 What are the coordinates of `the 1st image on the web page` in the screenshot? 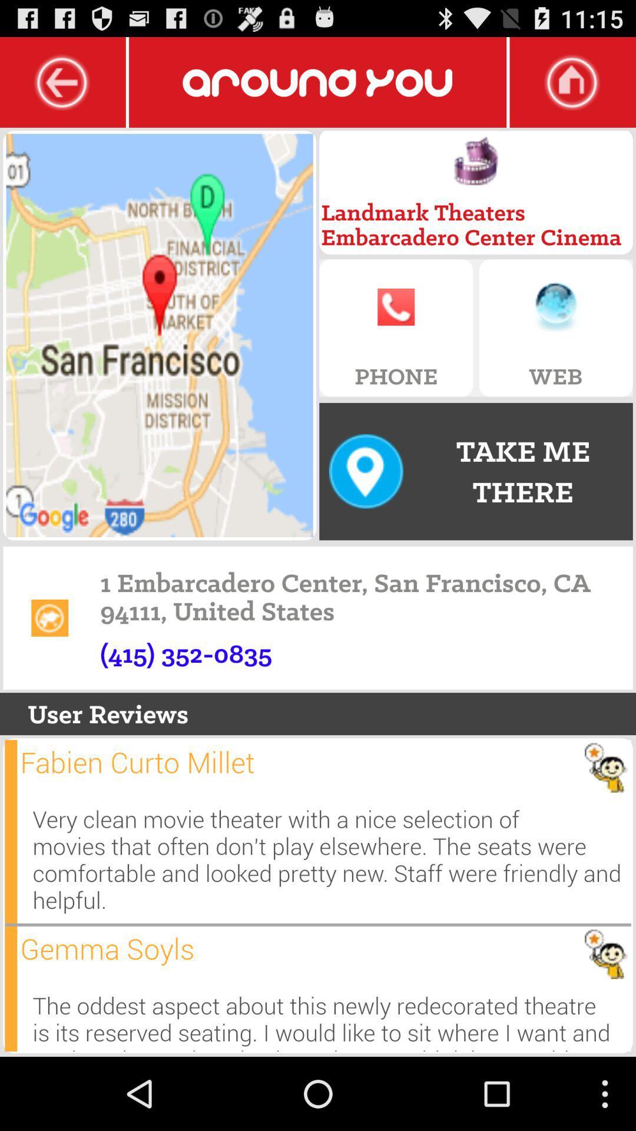 It's located at (160, 335).